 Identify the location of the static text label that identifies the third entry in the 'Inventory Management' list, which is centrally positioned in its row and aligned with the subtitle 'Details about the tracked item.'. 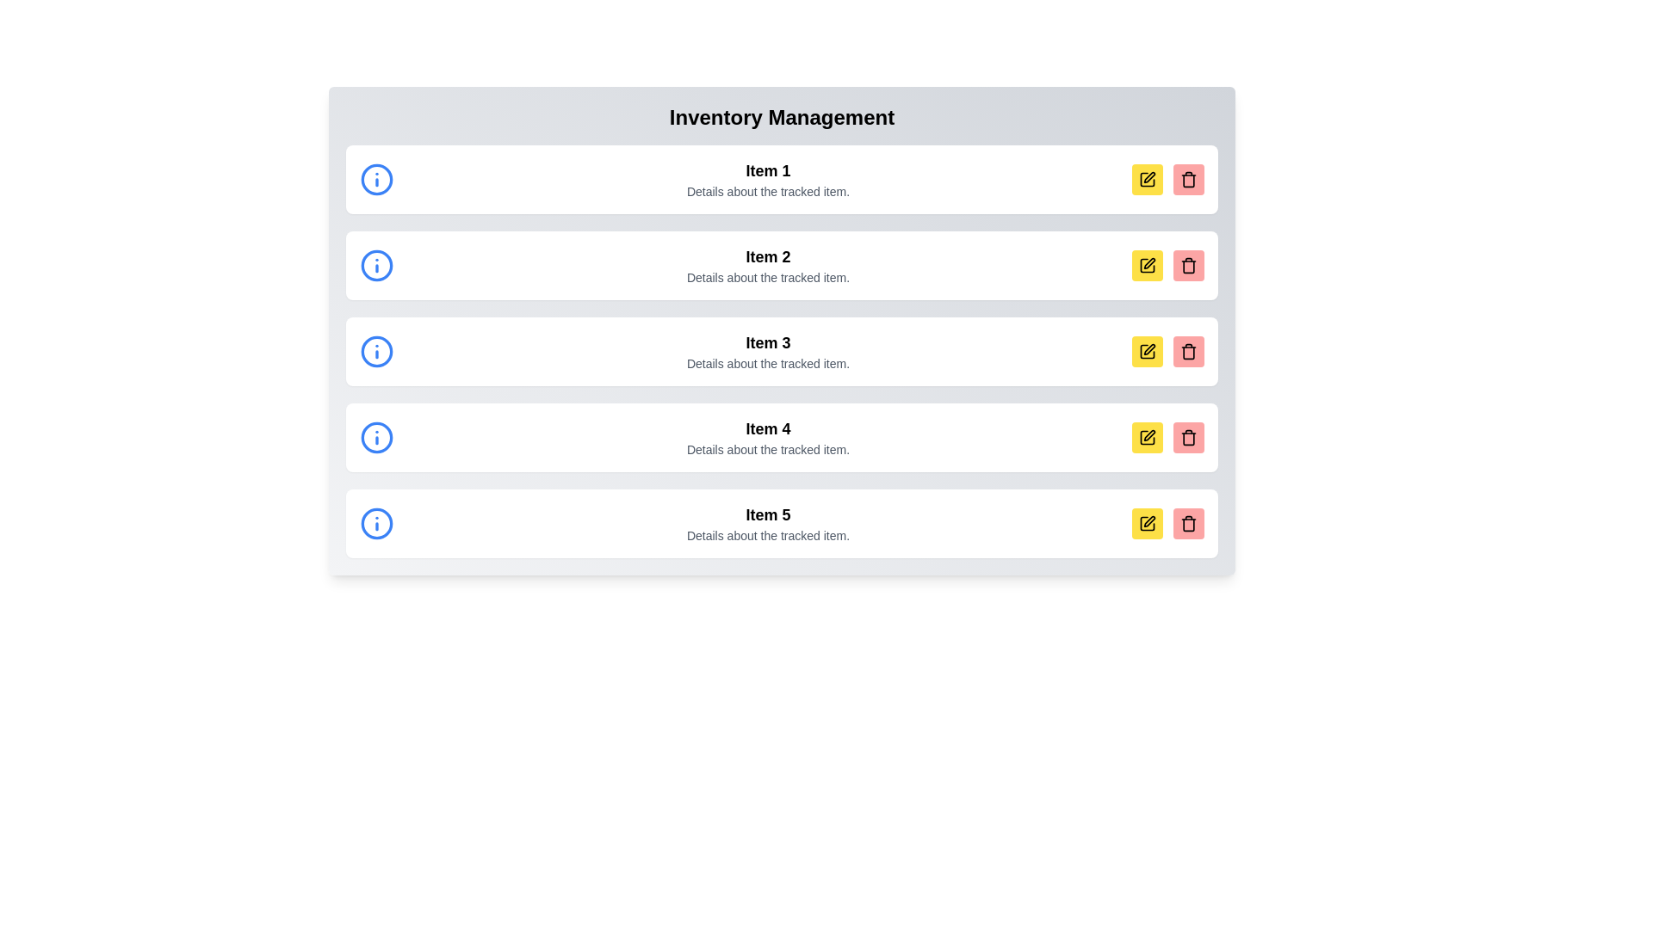
(767, 342).